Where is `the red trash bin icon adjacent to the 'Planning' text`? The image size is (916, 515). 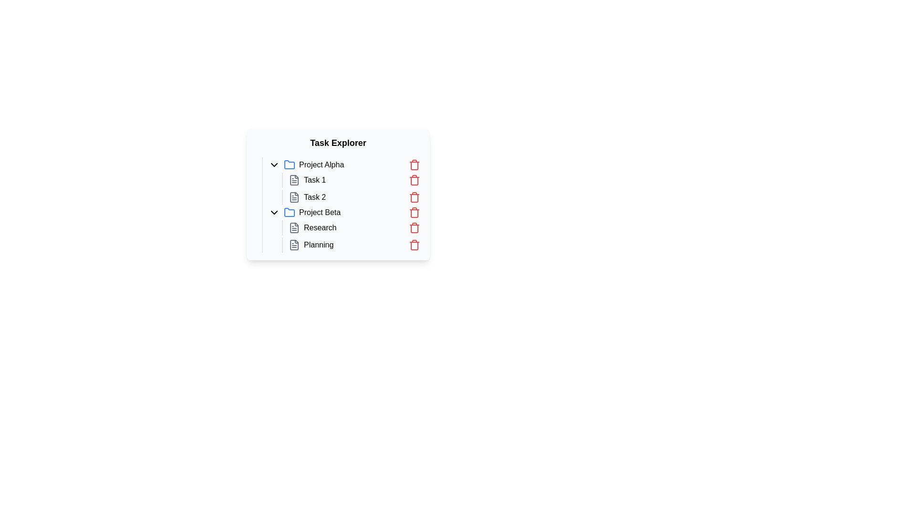 the red trash bin icon adjacent to the 'Planning' text is located at coordinates (414, 244).